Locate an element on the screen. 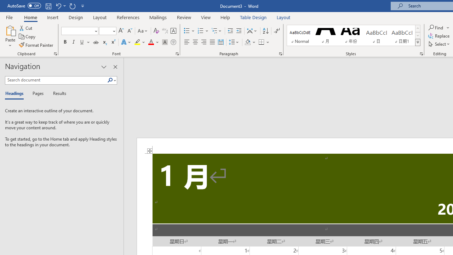 The image size is (453, 255). 'Find' is located at coordinates (436, 27).